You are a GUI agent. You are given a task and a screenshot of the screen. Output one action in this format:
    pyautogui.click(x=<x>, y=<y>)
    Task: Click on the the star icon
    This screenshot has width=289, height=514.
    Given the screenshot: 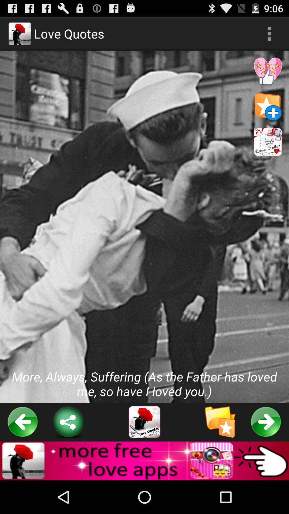 What is the action you would take?
    pyautogui.click(x=220, y=451)
    